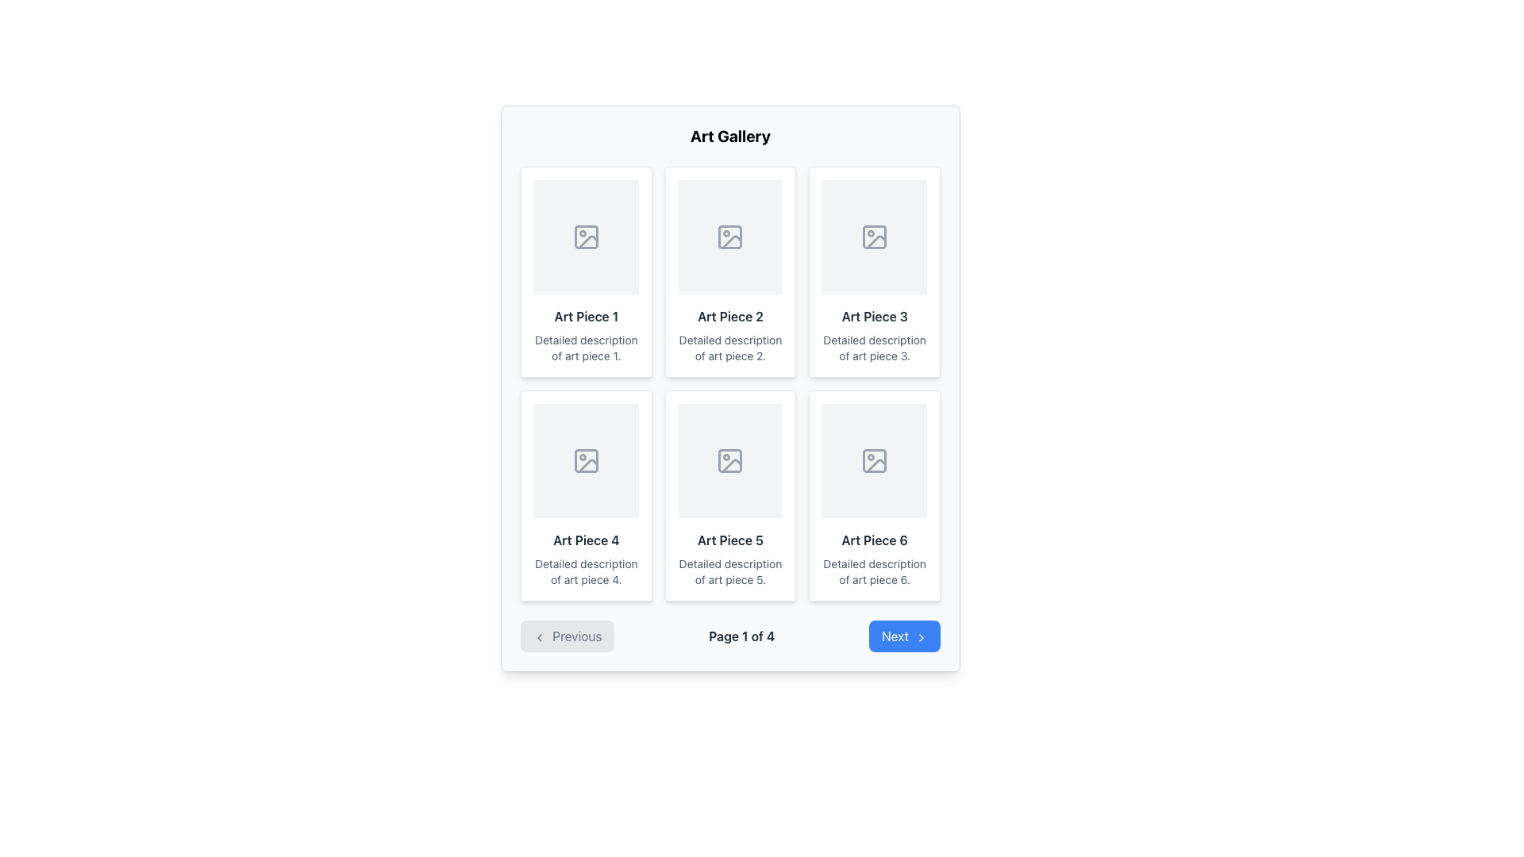 The image size is (1524, 857). Describe the element at coordinates (874, 237) in the screenshot. I see `the picture frame icon with a mountain and sun inside, located in the top right of the gallery grid for 'Art Piece 3'` at that location.